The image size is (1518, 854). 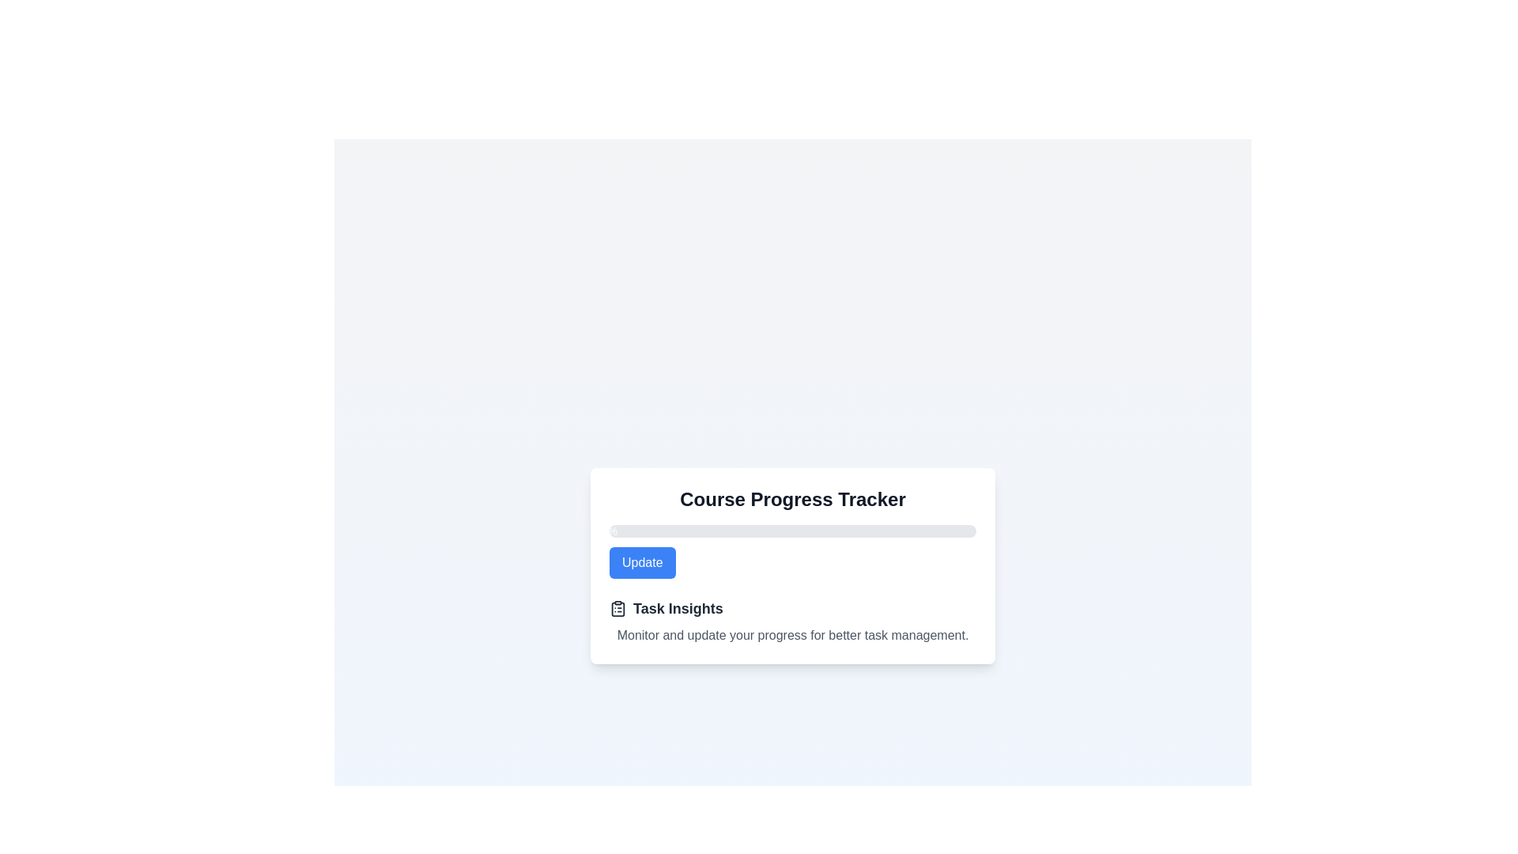 I want to click on the horizontal progress bar with a gray background and a gradient progress indicator, located under the 'Course Progress Tracker' title, so click(x=793, y=531).